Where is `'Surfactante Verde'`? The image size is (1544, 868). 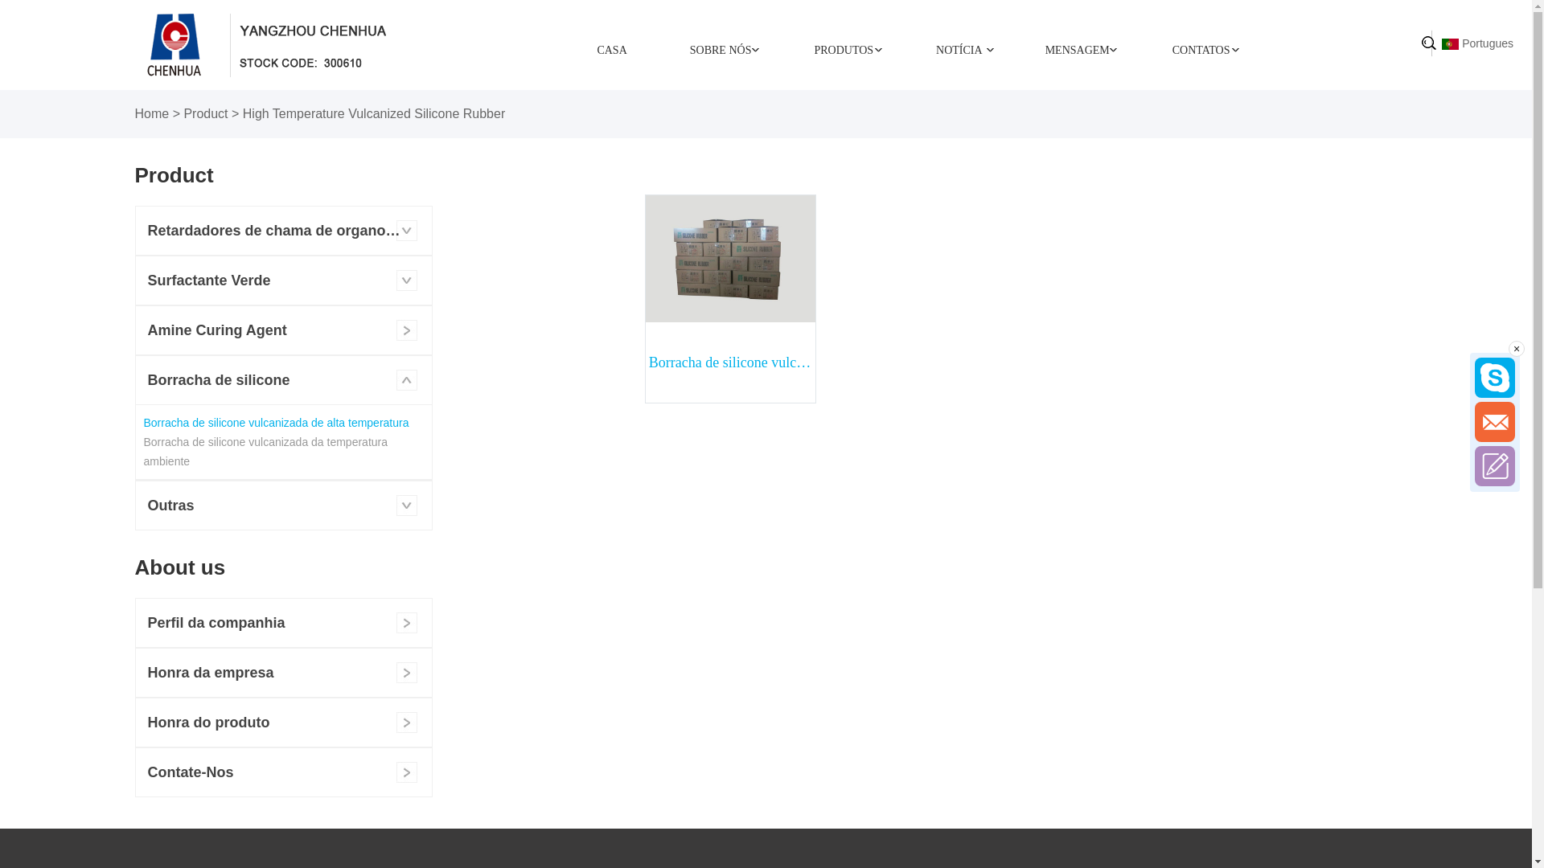
'Surfactante Verde' is located at coordinates (282, 279).